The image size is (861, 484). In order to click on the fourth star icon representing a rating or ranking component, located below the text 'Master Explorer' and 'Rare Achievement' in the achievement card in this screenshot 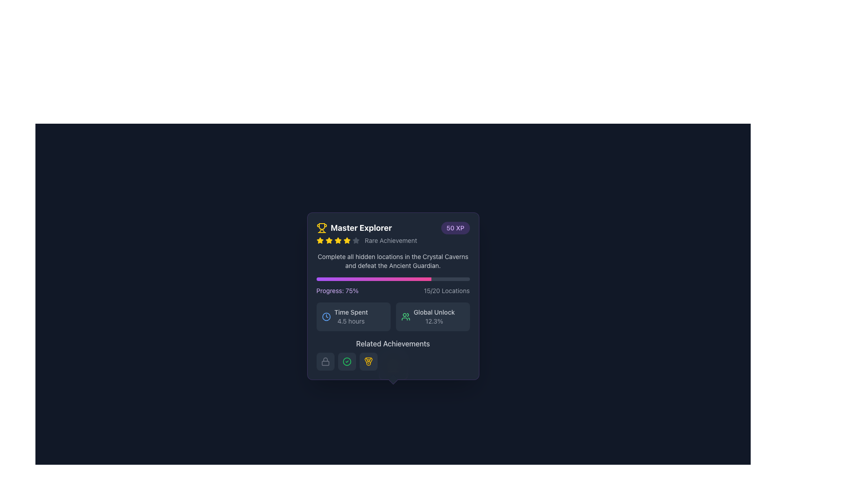, I will do `click(337, 240)`.